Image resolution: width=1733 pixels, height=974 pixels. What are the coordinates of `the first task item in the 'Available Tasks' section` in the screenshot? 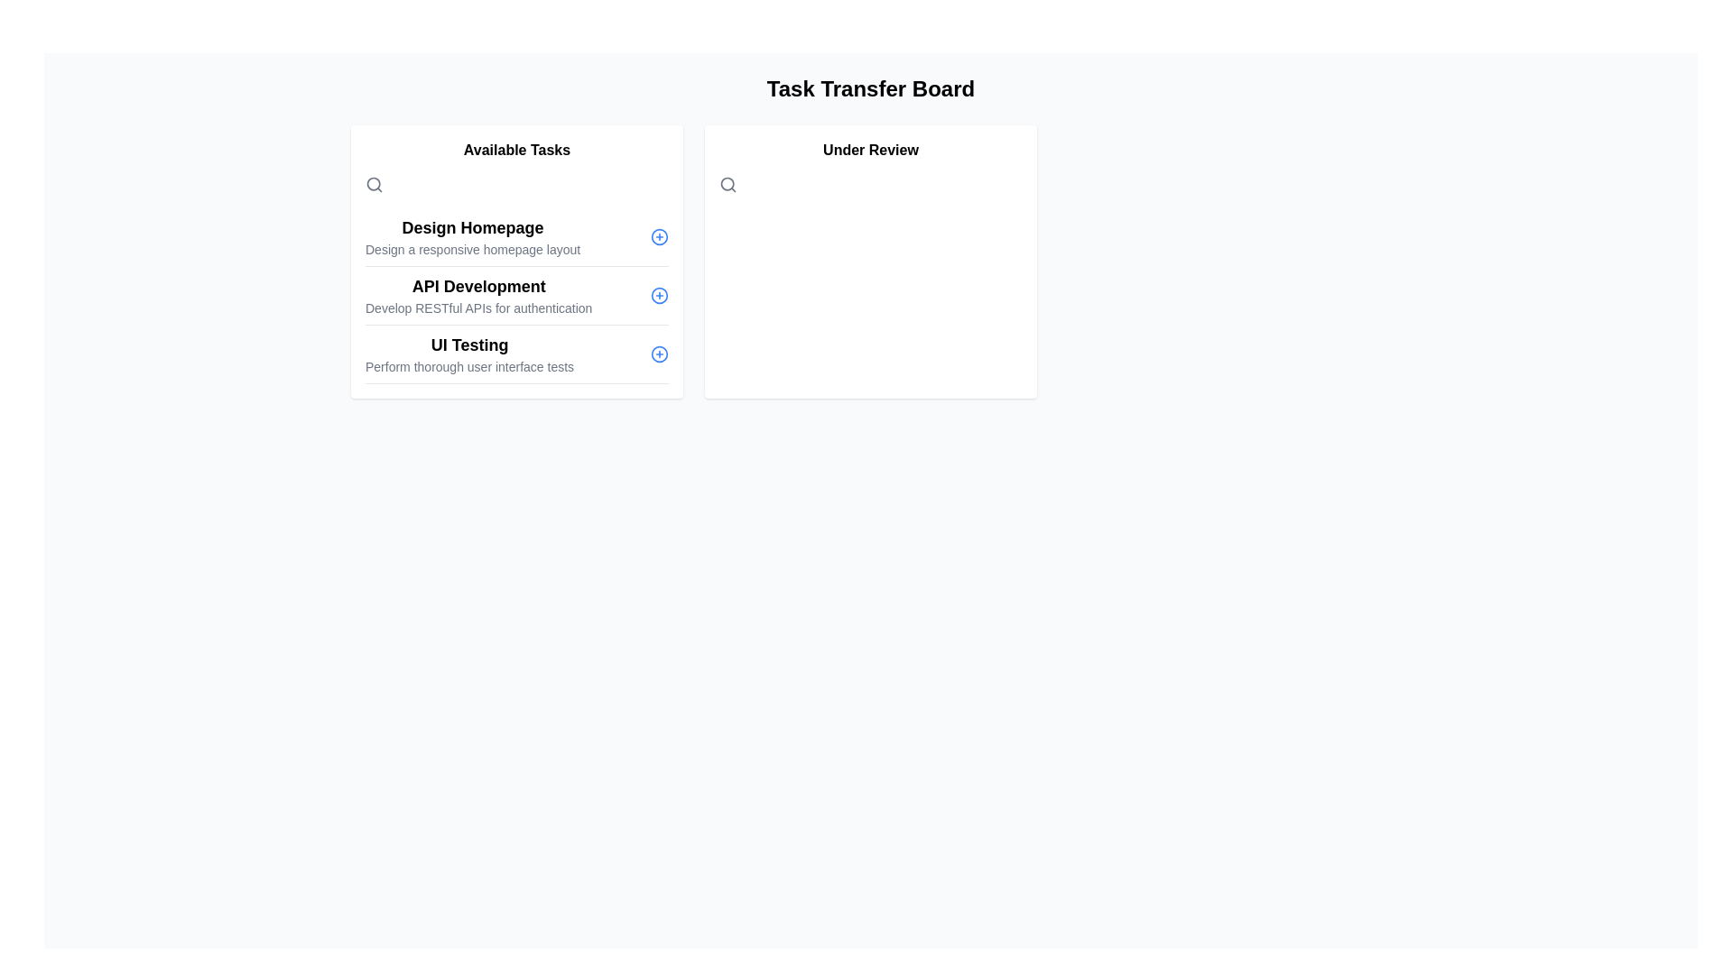 It's located at (473, 235).